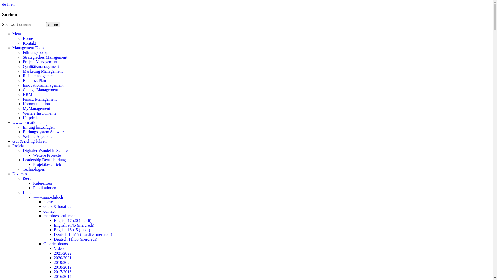  Describe the element at coordinates (60, 216) in the screenshot. I see `'membres seulement'` at that location.